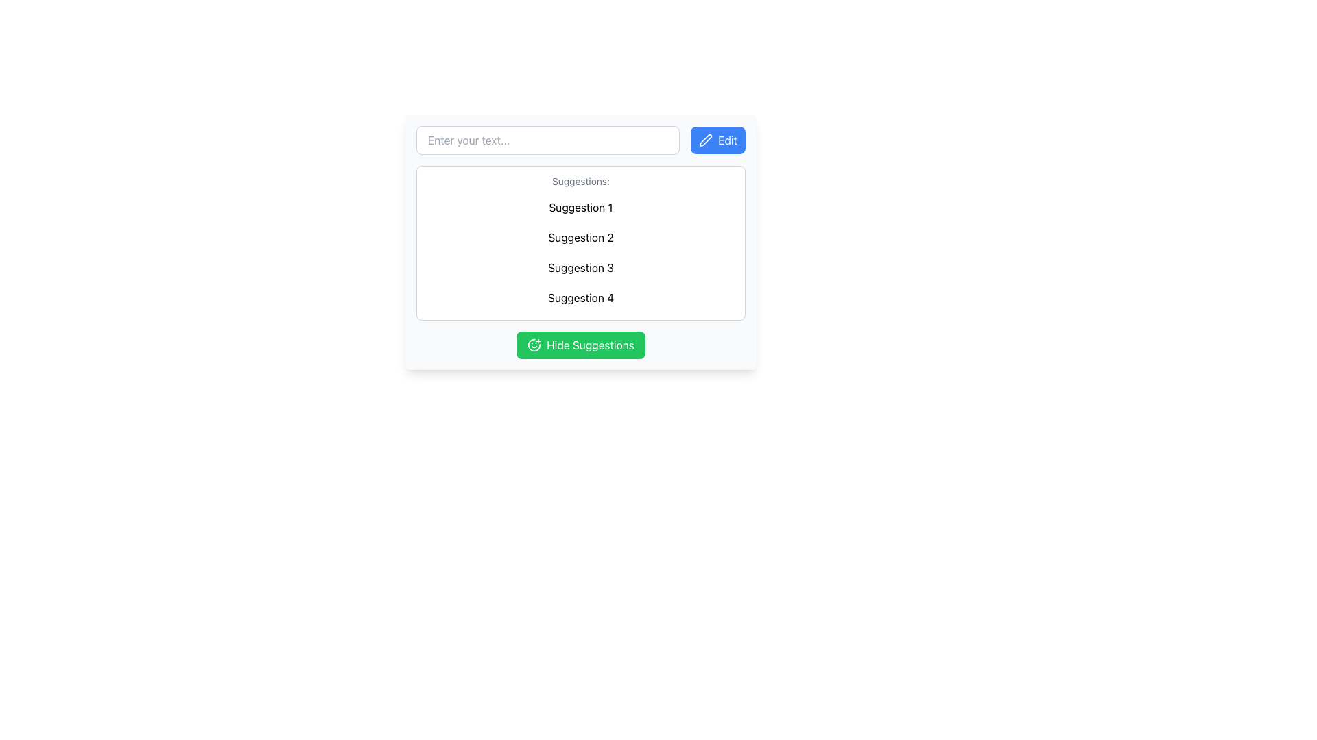 This screenshot has width=1317, height=740. I want to click on the text element labeled 'Suggestion 2', so click(580, 237).